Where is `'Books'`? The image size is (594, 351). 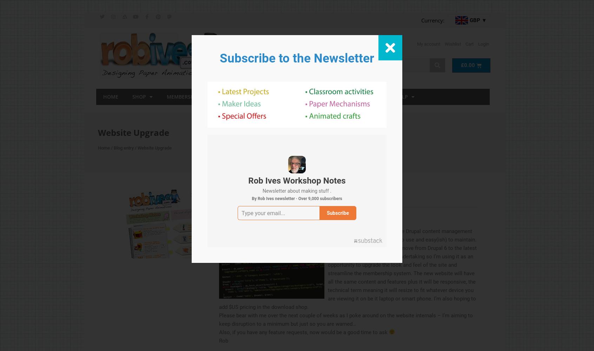
'Books' is located at coordinates (248, 96).